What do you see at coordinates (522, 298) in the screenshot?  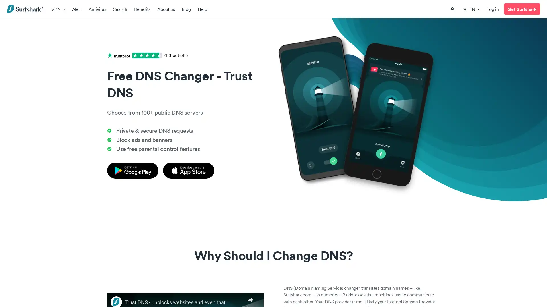 I see `loading Support` at bounding box center [522, 298].